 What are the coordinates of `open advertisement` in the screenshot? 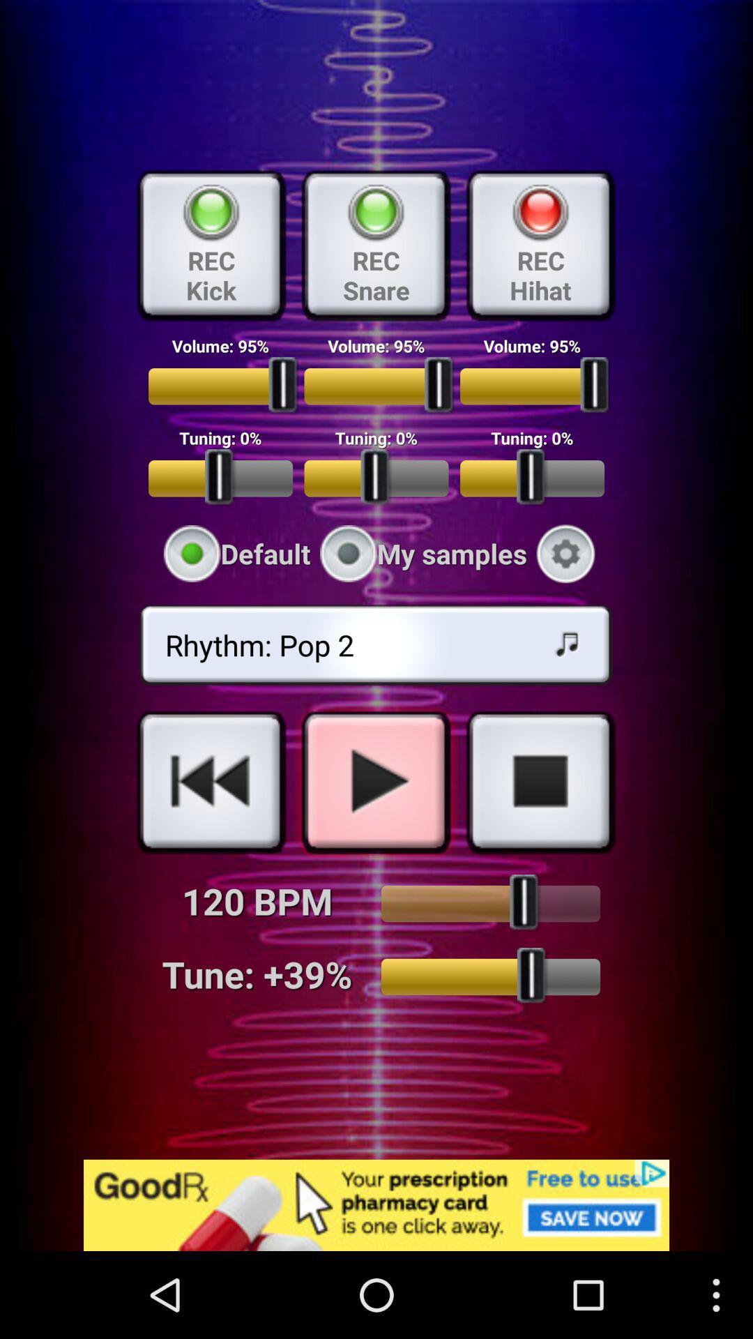 It's located at (376, 1204).